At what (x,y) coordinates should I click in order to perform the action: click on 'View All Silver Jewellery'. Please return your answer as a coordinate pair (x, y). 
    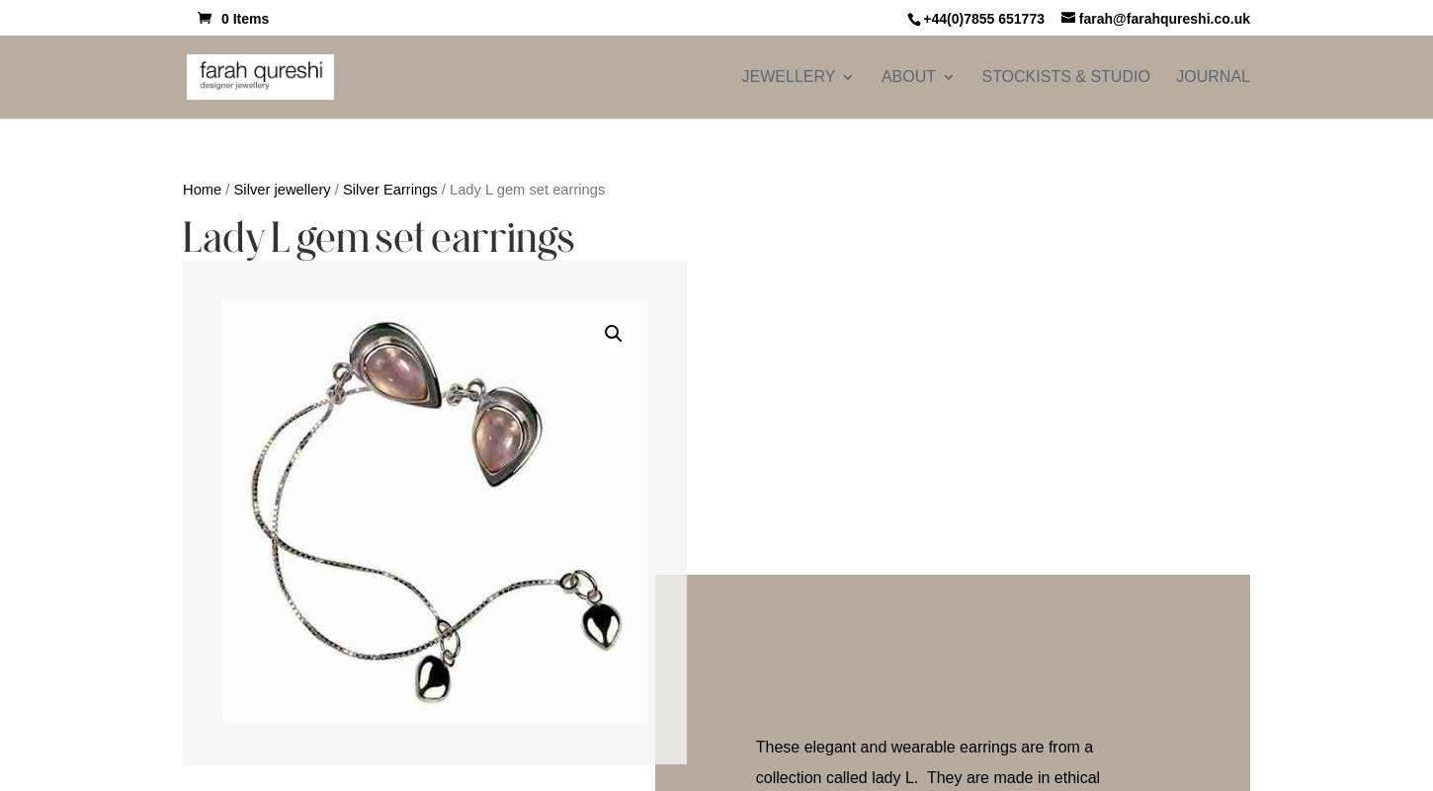
    Looking at the image, I should click on (1017, 568).